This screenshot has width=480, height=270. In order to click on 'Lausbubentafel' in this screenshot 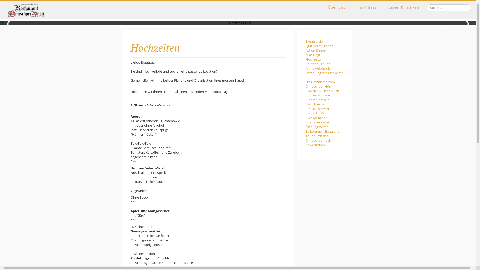, I will do `click(318, 108)`.